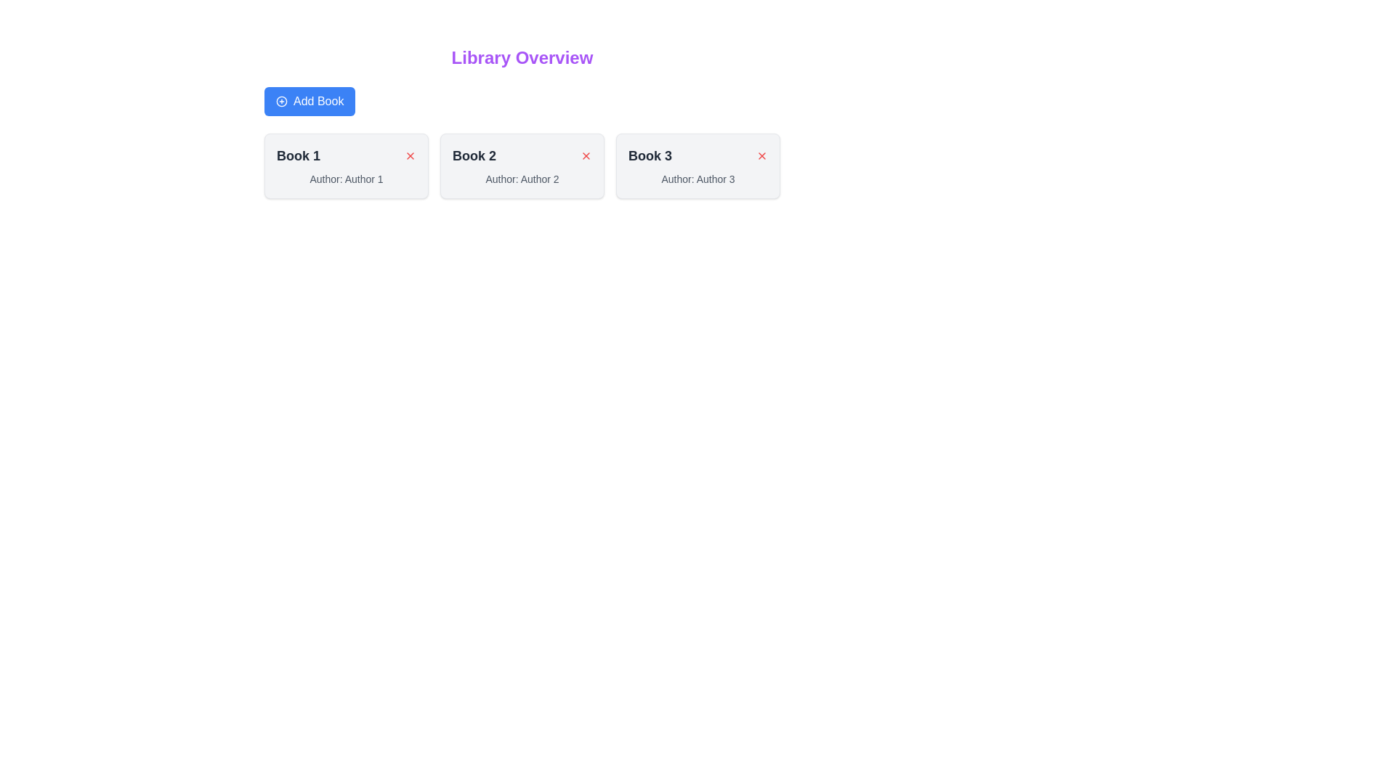  I want to click on author information text label located at the bottom of the 'Book 3' card, which is the third in a horizontal row of similar containers, so click(697, 178).